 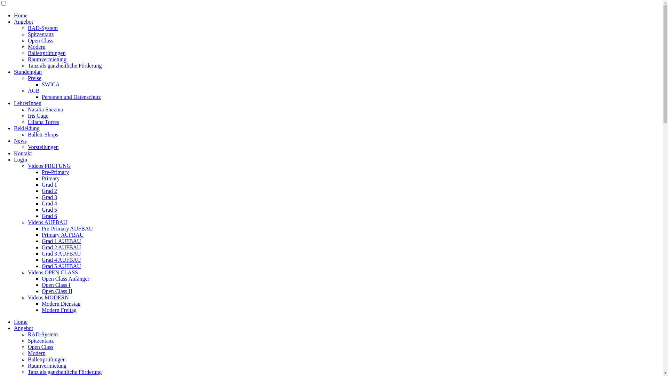 I want to click on 'Iris Gage', so click(x=38, y=115).